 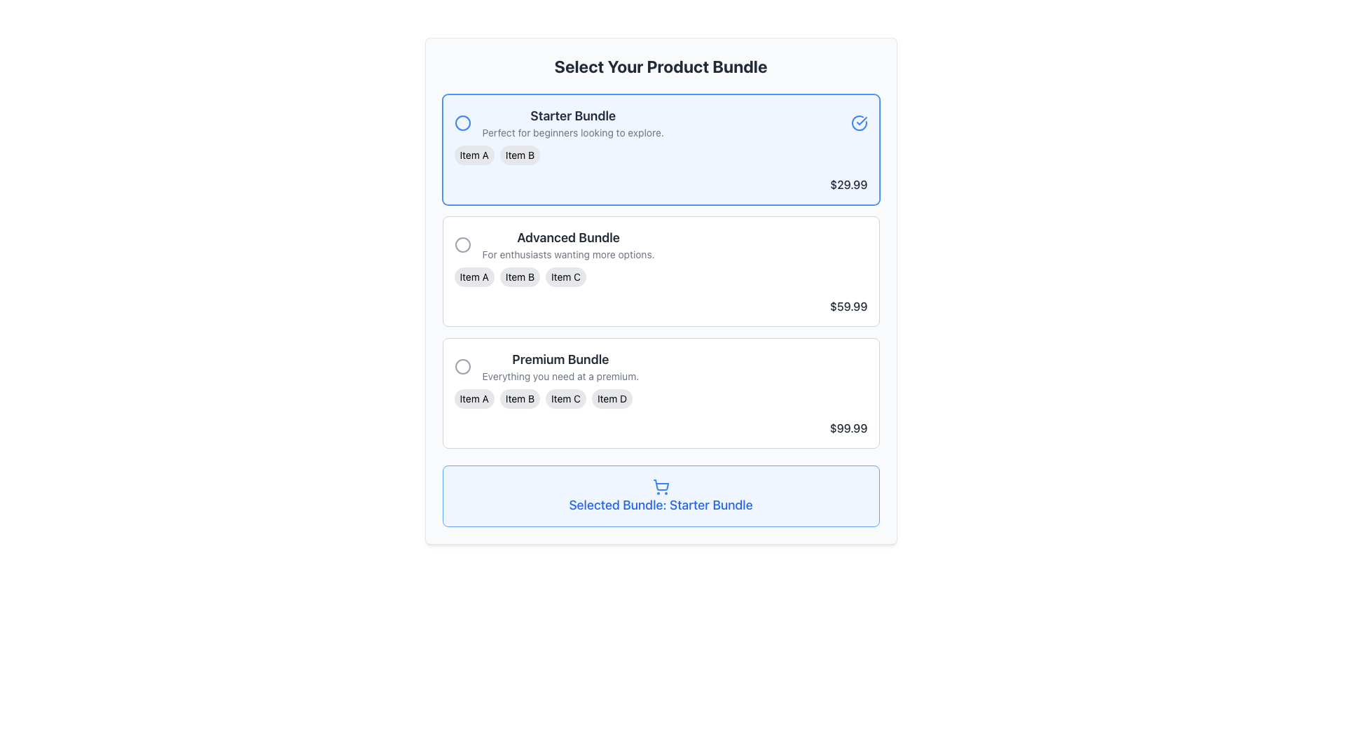 I want to click on the 'Starter Bundle' text block element, so click(x=573, y=122).